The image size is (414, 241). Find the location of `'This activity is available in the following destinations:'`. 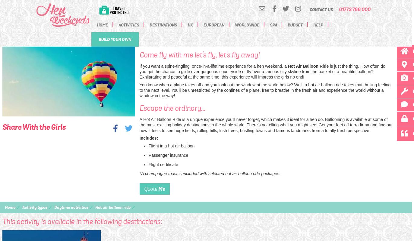

'This activity is available in the following destinations:' is located at coordinates (2, 221).